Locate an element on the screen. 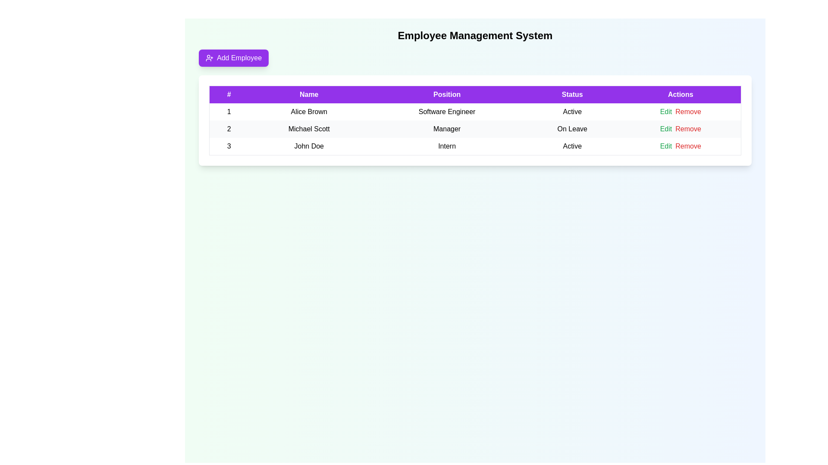 The height and width of the screenshot is (465, 828). the static text label that serves as an index or serial number for the row corresponding to 'Alice Brown' in the table is located at coordinates (229, 111).